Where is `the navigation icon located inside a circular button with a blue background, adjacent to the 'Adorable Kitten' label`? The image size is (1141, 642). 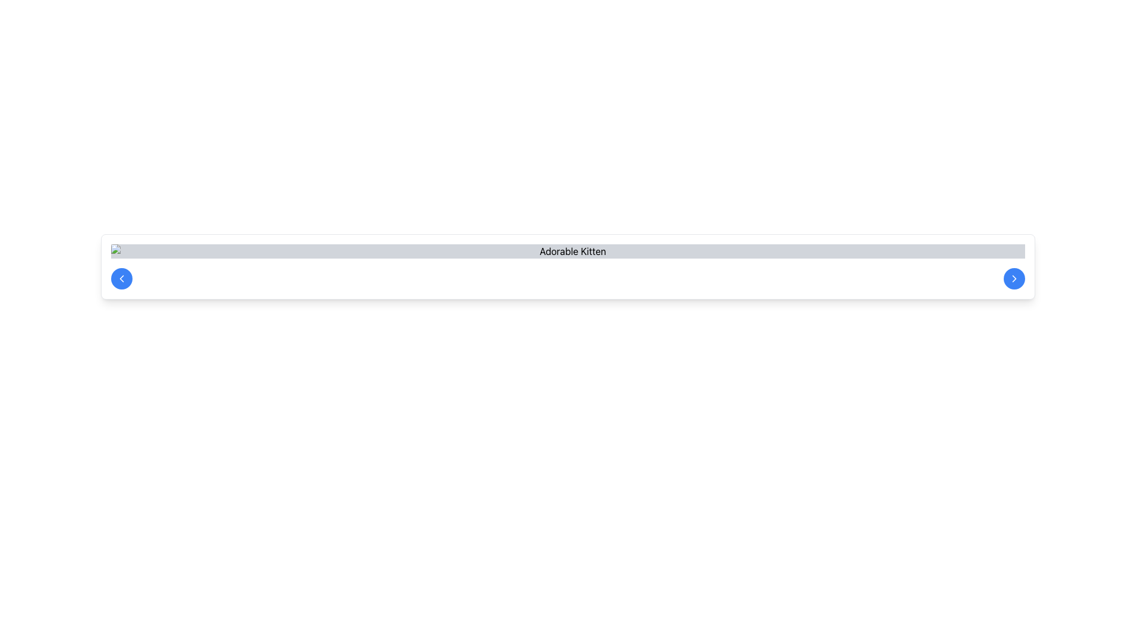 the navigation icon located inside a circular button with a blue background, adjacent to the 'Adorable Kitten' label is located at coordinates (1014, 279).